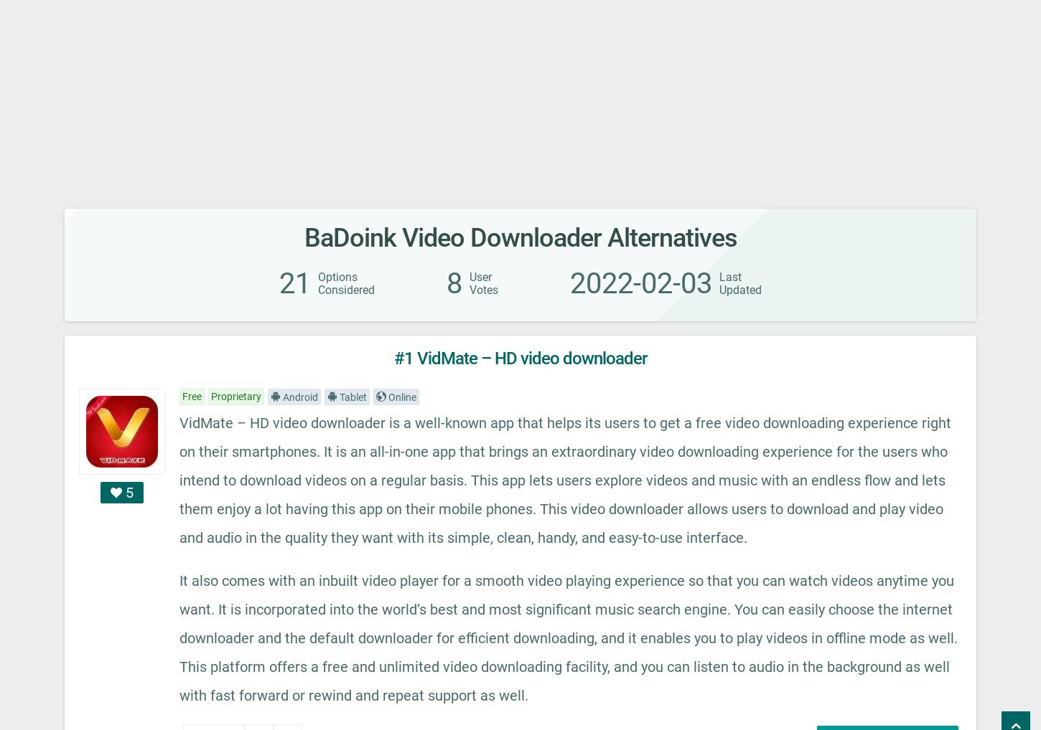  I want to click on 'Tablet', so click(336, 396).